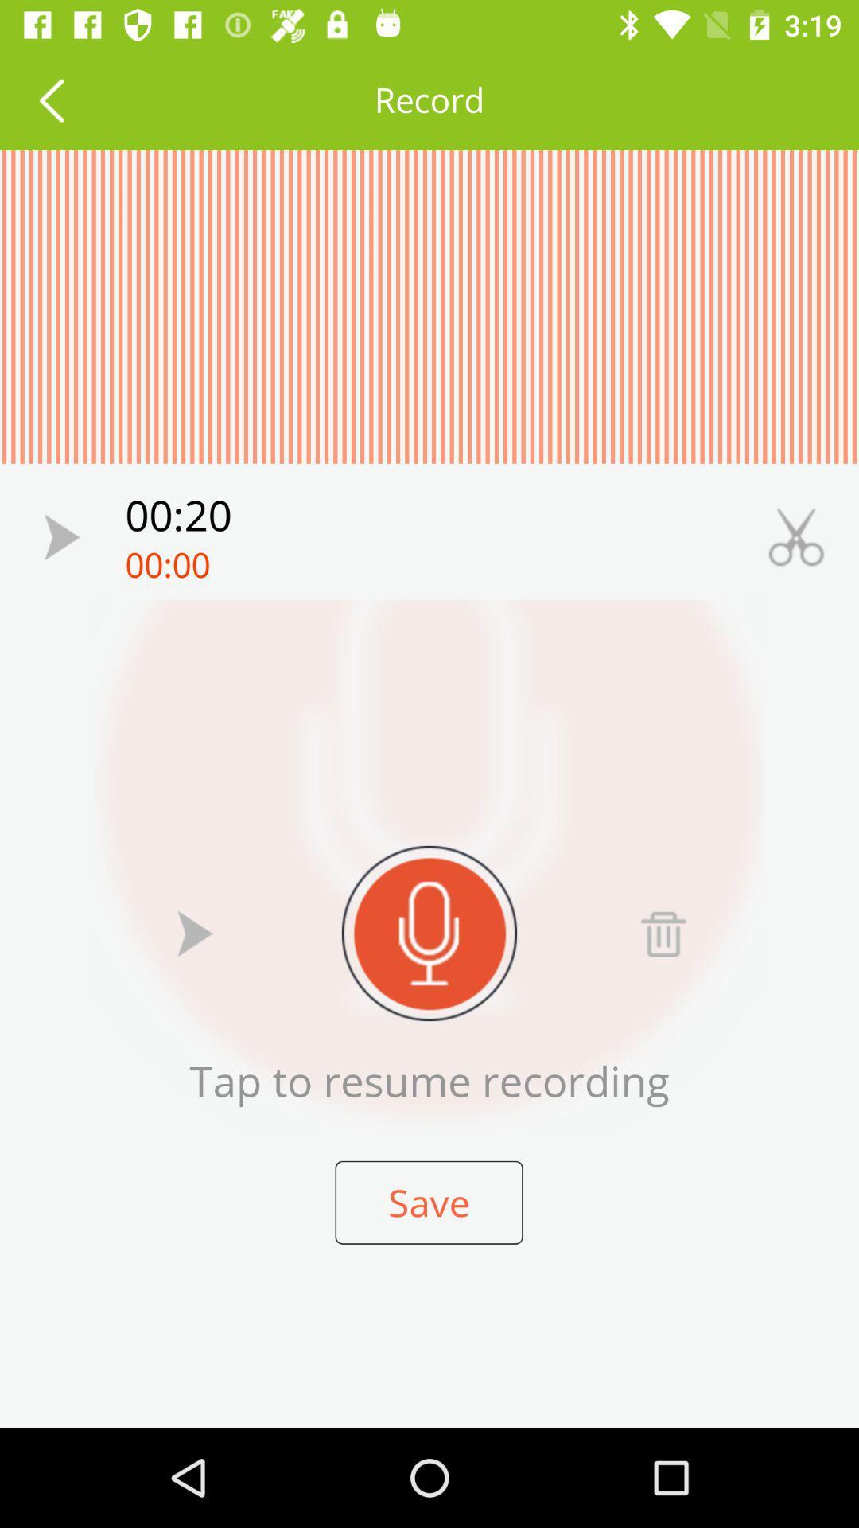  Describe the element at coordinates (428, 1203) in the screenshot. I see `save` at that location.